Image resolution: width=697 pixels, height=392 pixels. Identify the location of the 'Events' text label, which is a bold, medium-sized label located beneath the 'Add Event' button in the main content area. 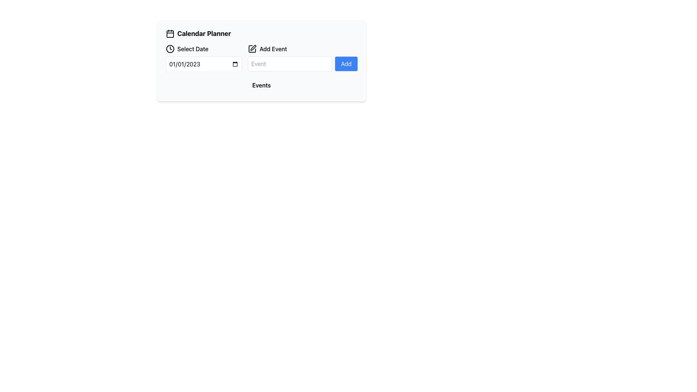
(261, 85).